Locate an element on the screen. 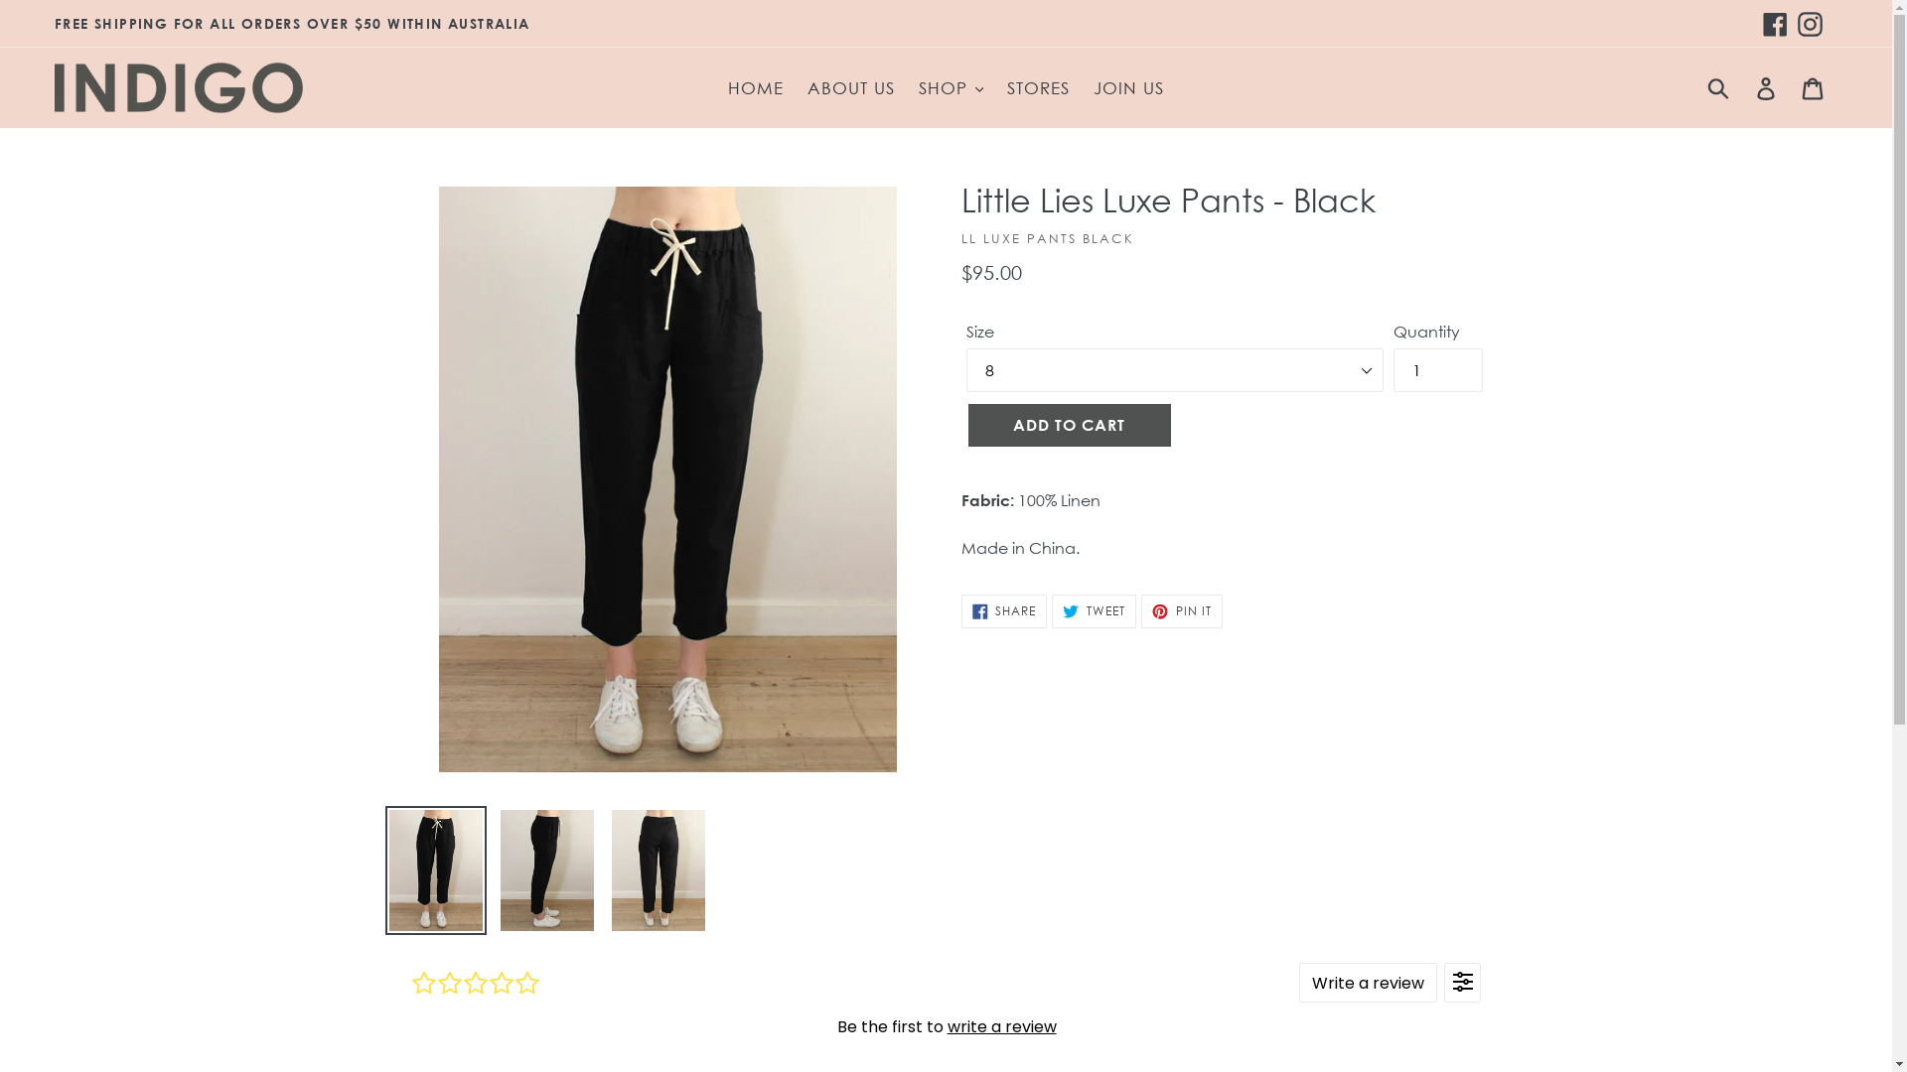  'Facebook' is located at coordinates (1775, 23).